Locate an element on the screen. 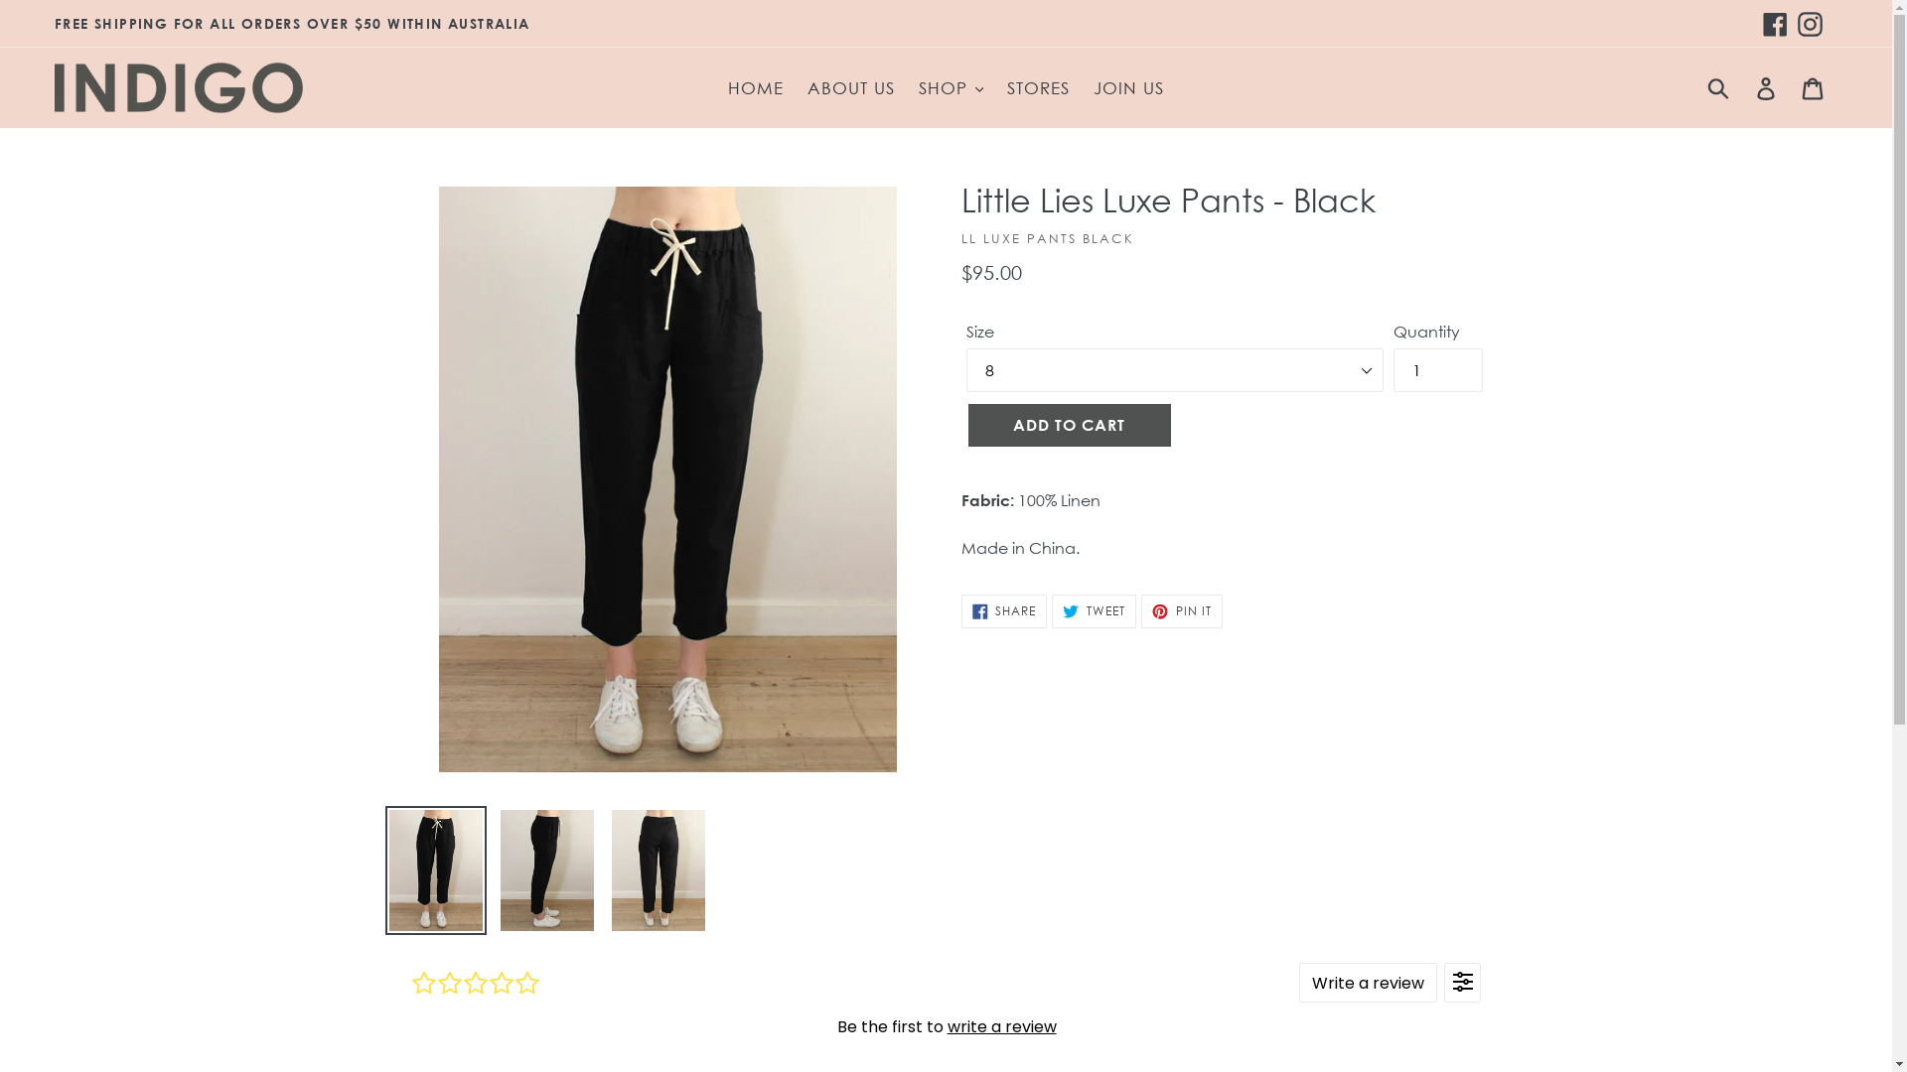  'Facebook' is located at coordinates (1775, 23).